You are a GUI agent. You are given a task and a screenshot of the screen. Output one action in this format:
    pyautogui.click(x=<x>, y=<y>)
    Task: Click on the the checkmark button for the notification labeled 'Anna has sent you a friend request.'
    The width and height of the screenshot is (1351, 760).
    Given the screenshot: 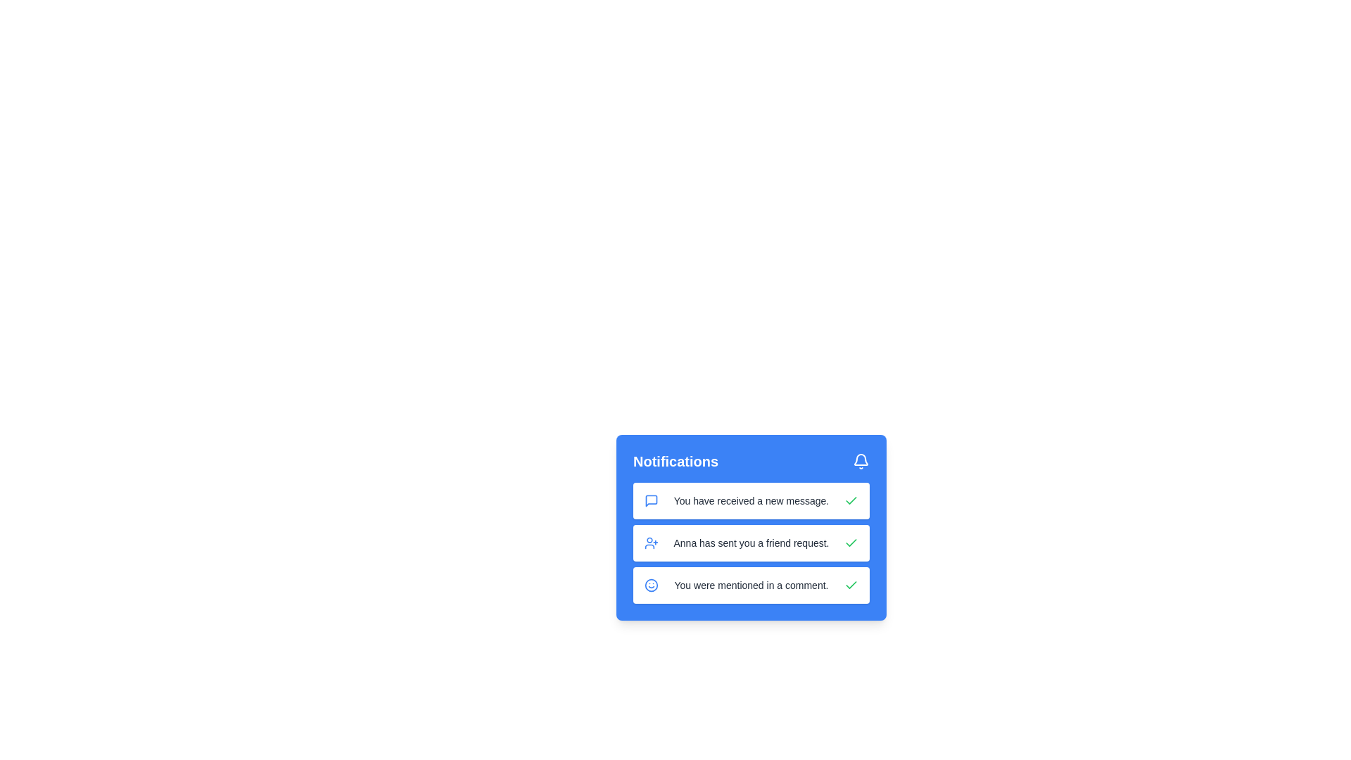 What is the action you would take?
    pyautogui.click(x=850, y=542)
    